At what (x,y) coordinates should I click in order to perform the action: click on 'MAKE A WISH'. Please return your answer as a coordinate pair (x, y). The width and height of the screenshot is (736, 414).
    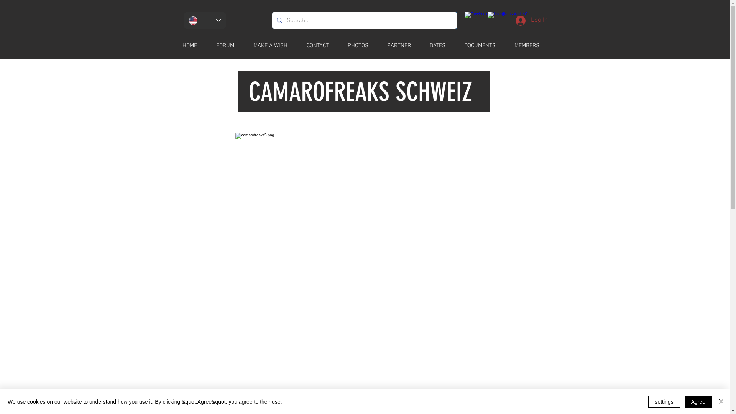
    Looking at the image, I should click on (275, 46).